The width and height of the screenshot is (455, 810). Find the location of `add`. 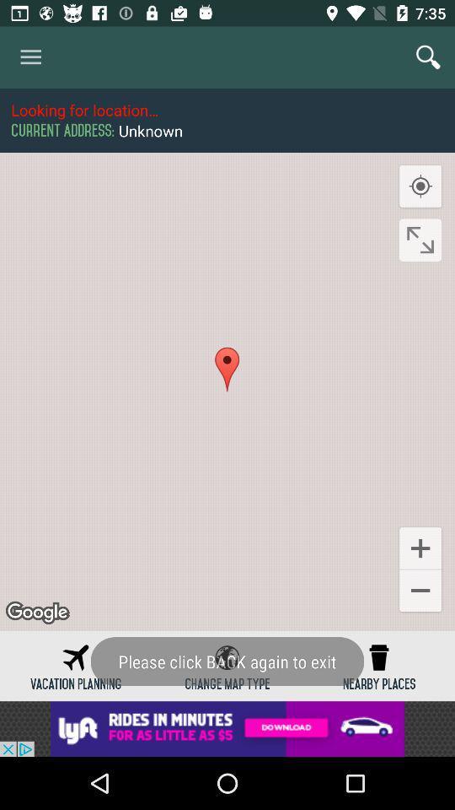

add is located at coordinates (227, 728).